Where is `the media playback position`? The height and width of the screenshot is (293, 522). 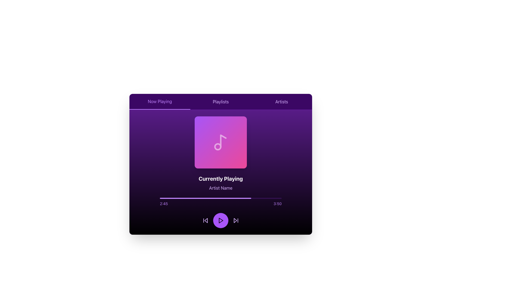 the media playback position is located at coordinates (161, 198).